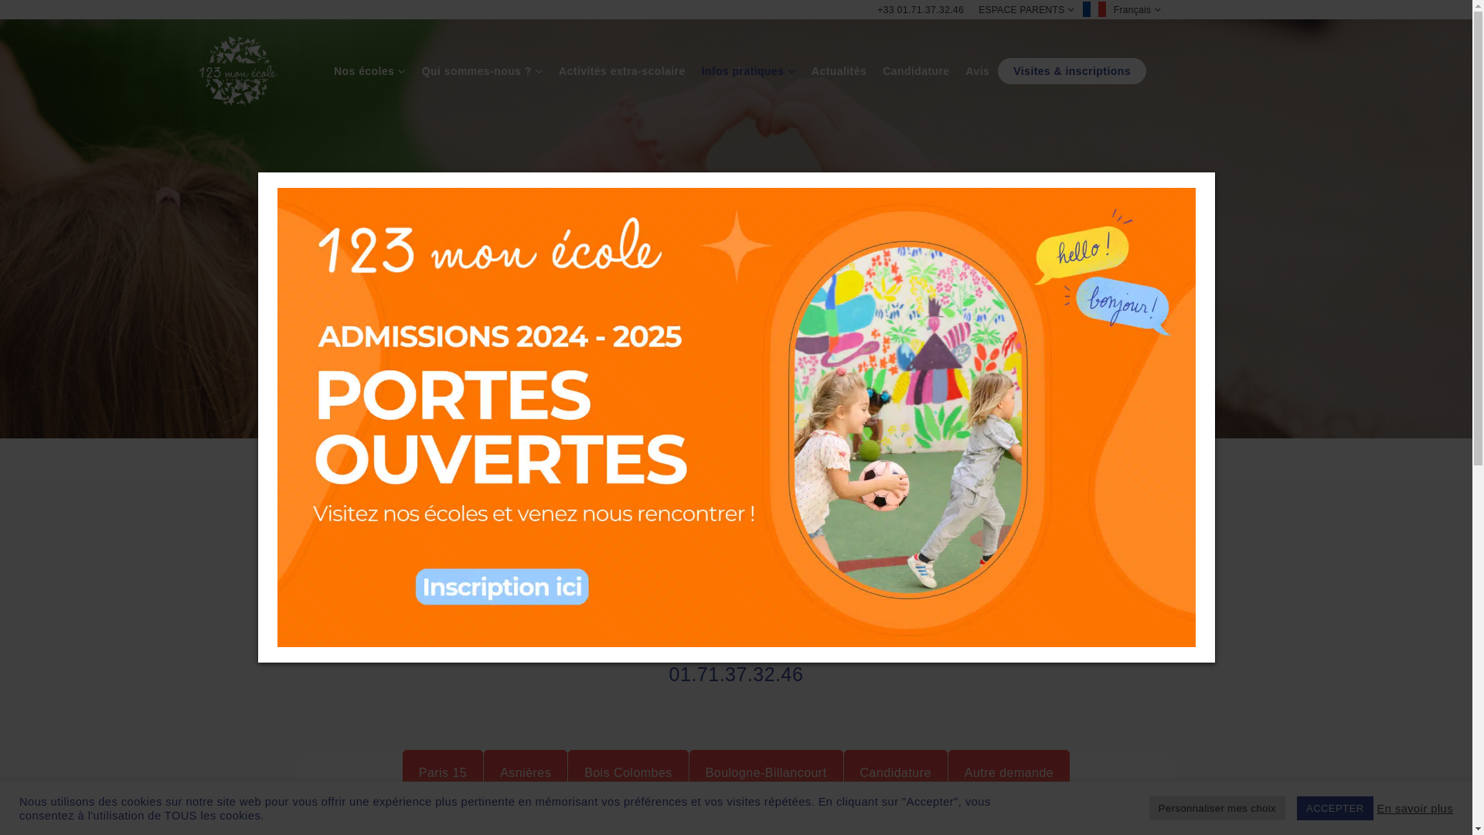 This screenshot has width=1484, height=835. What do you see at coordinates (766, 772) in the screenshot?
I see `'Boulogne-Billancourt'` at bounding box center [766, 772].